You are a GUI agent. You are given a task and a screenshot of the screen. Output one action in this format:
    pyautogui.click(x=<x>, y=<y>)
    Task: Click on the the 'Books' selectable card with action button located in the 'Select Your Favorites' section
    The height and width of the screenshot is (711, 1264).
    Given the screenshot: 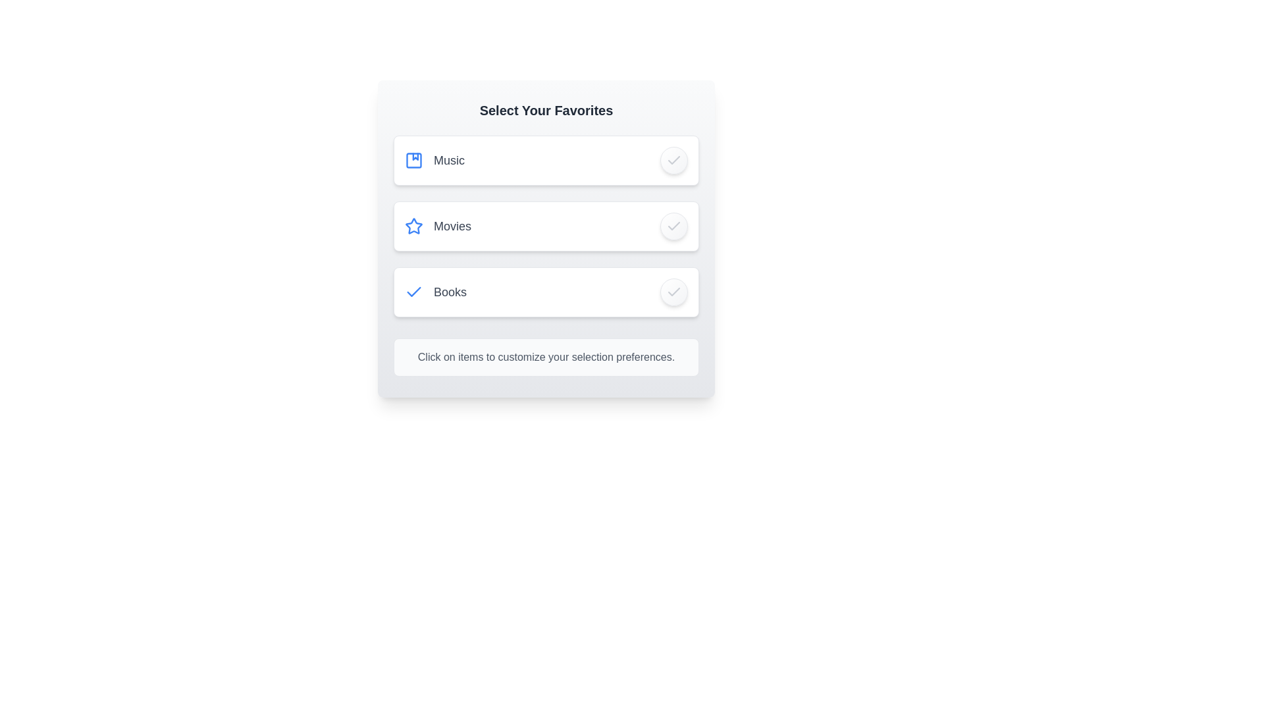 What is the action you would take?
    pyautogui.click(x=546, y=291)
    